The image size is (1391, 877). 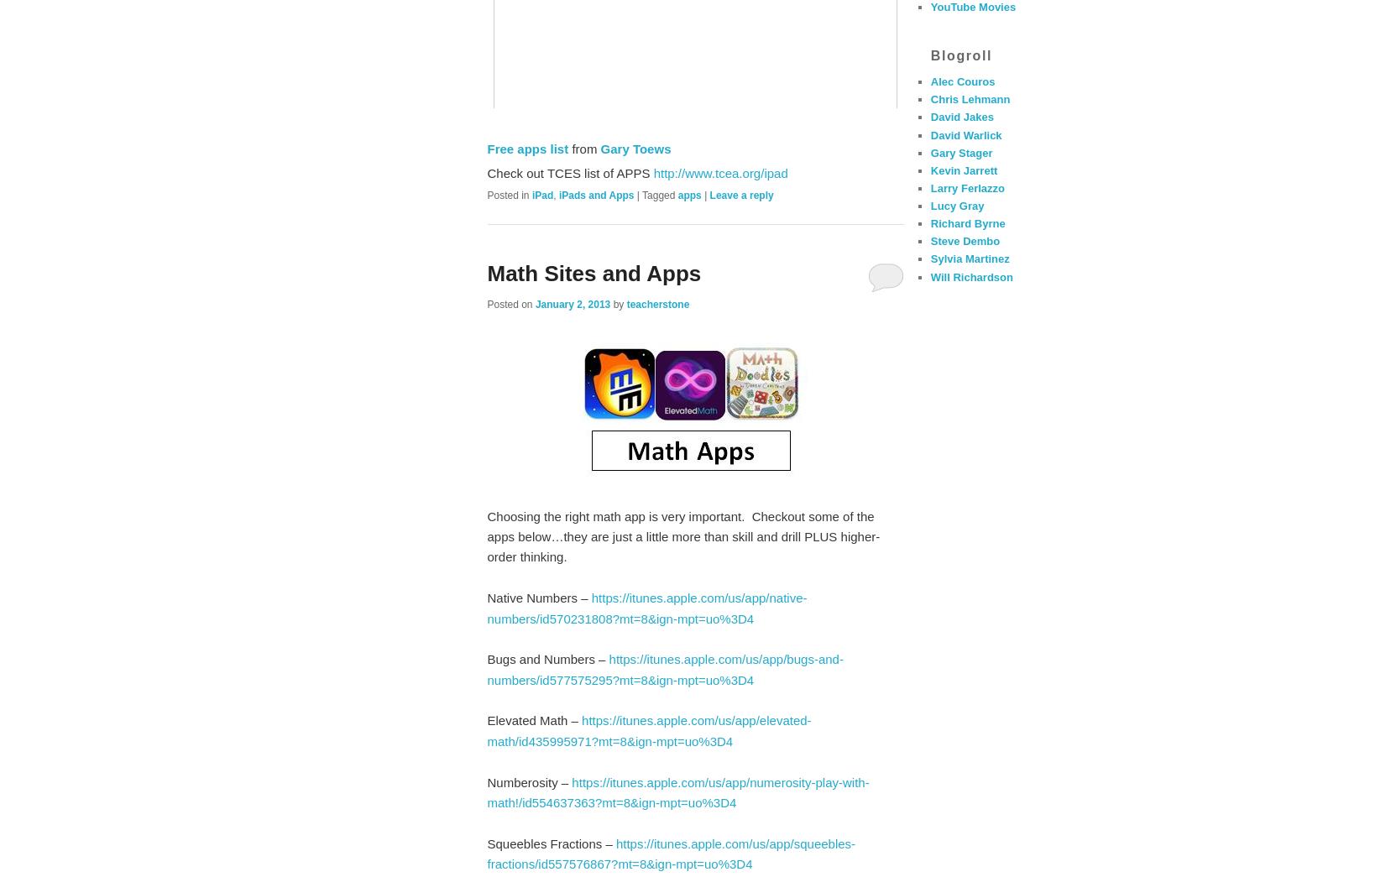 I want to click on 'https://itunes.apple.com/us/app/numerosity-play-with-math!/id554637363?mt=8&ign-mpt=uo%3D4', so click(x=677, y=791).